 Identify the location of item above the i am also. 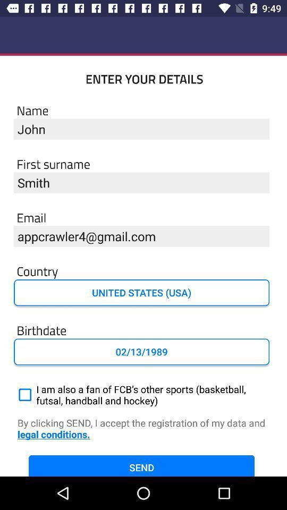
(141, 352).